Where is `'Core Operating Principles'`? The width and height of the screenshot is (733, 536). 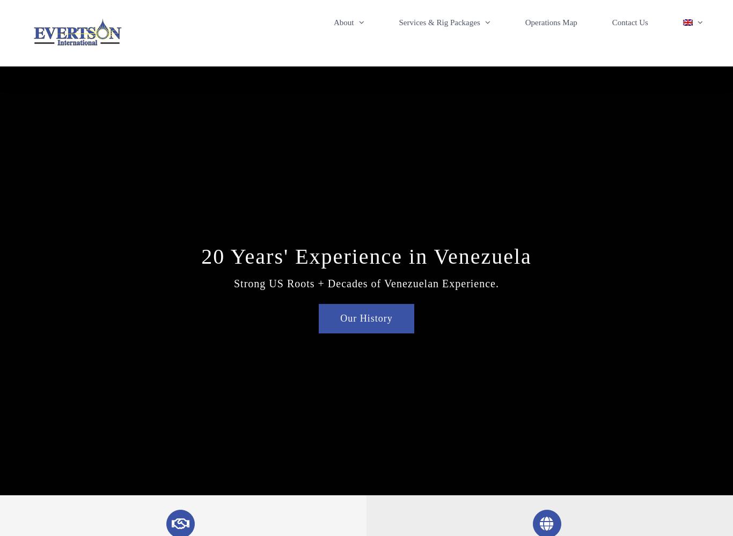
'Core Operating Principles' is located at coordinates (391, 71).